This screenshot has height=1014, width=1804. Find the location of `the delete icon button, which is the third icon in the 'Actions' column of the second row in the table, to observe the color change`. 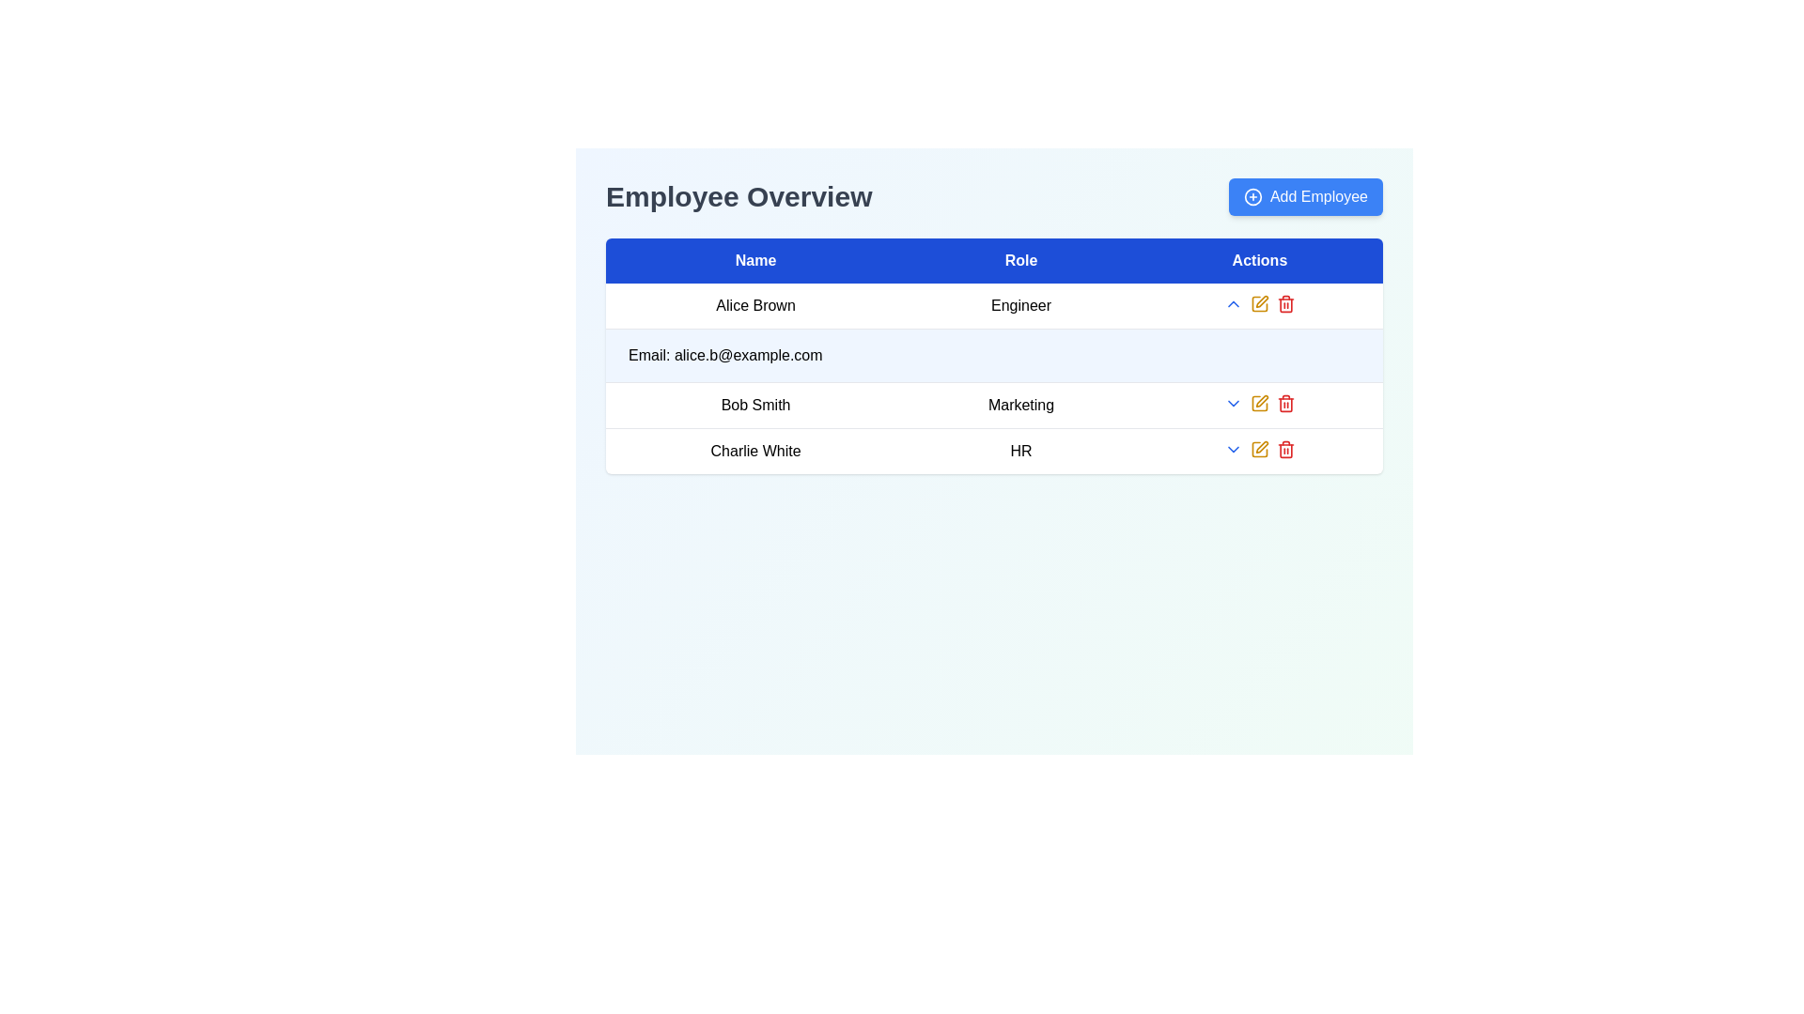

the delete icon button, which is the third icon in the 'Actions' column of the second row in the table, to observe the color change is located at coordinates (1284, 402).